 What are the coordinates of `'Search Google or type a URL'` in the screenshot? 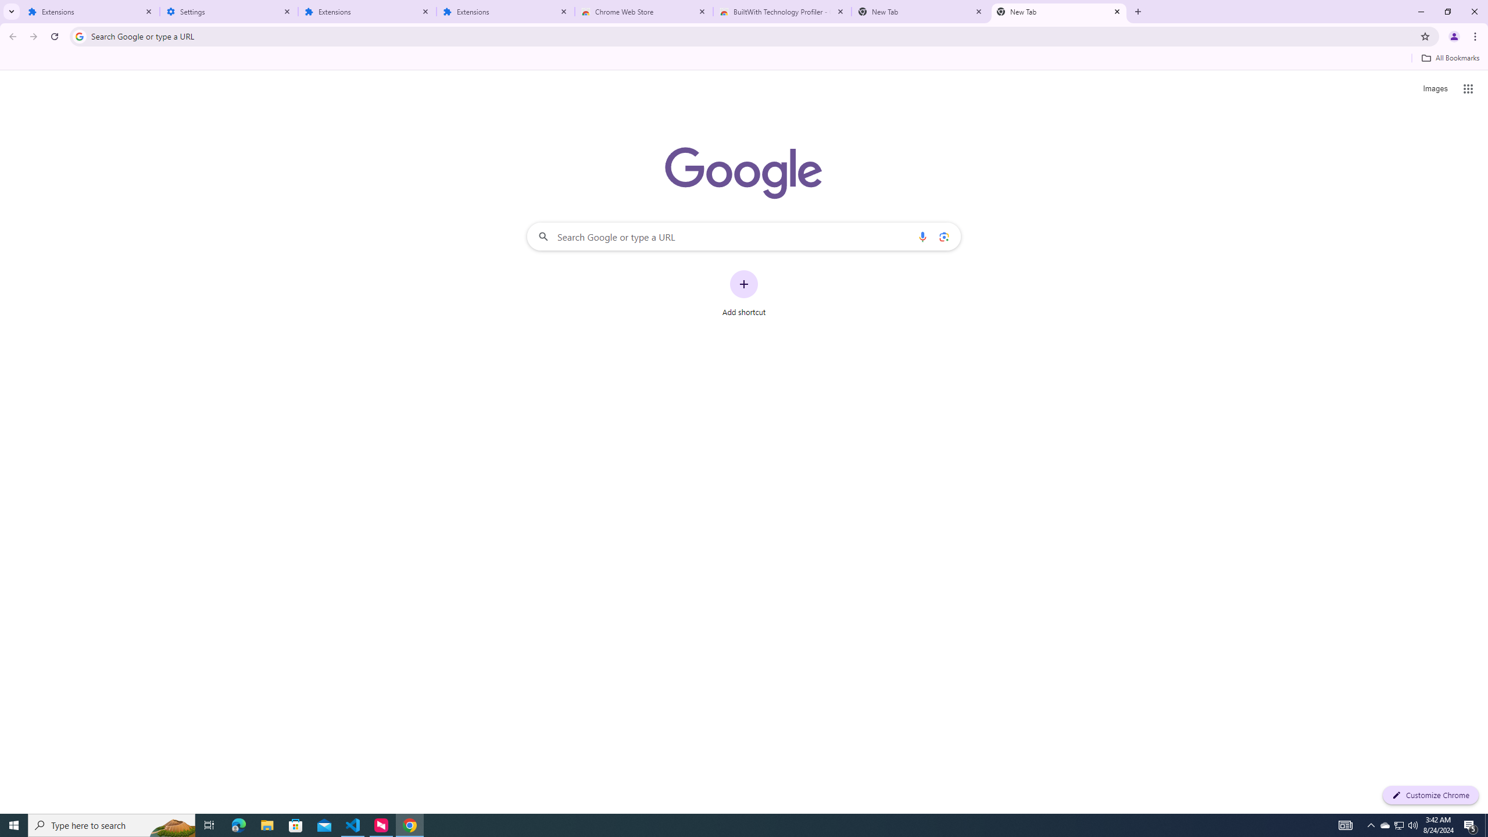 It's located at (744, 235).